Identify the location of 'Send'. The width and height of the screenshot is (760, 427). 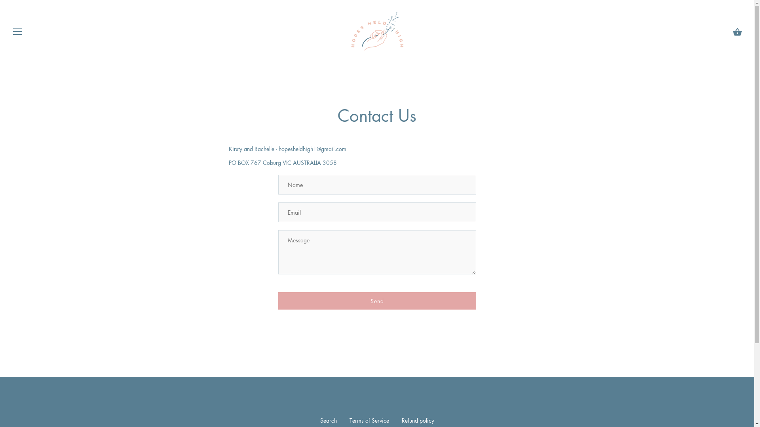
(376, 300).